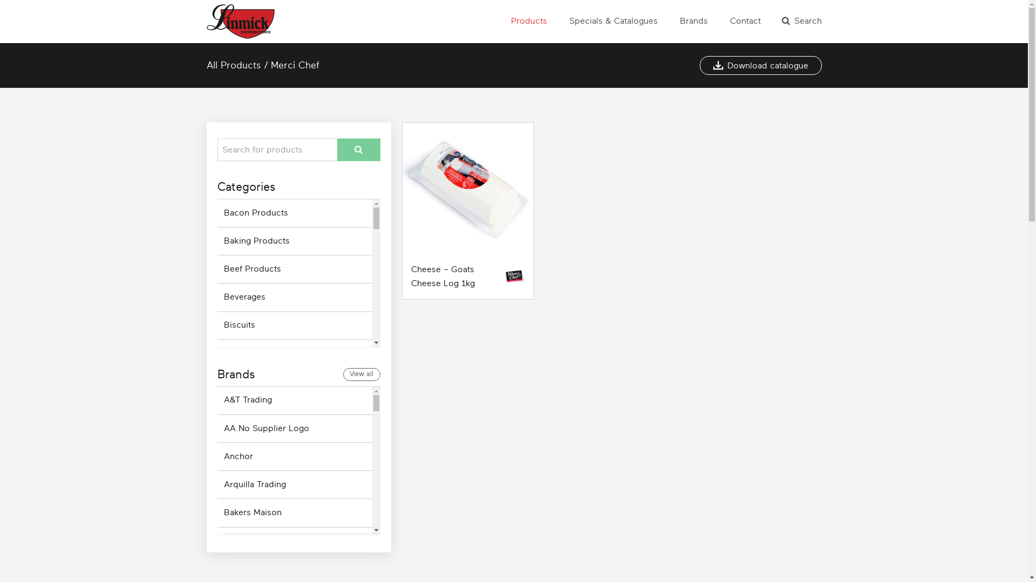  Describe the element at coordinates (294, 400) in the screenshot. I see `'A&T Trading'` at that location.